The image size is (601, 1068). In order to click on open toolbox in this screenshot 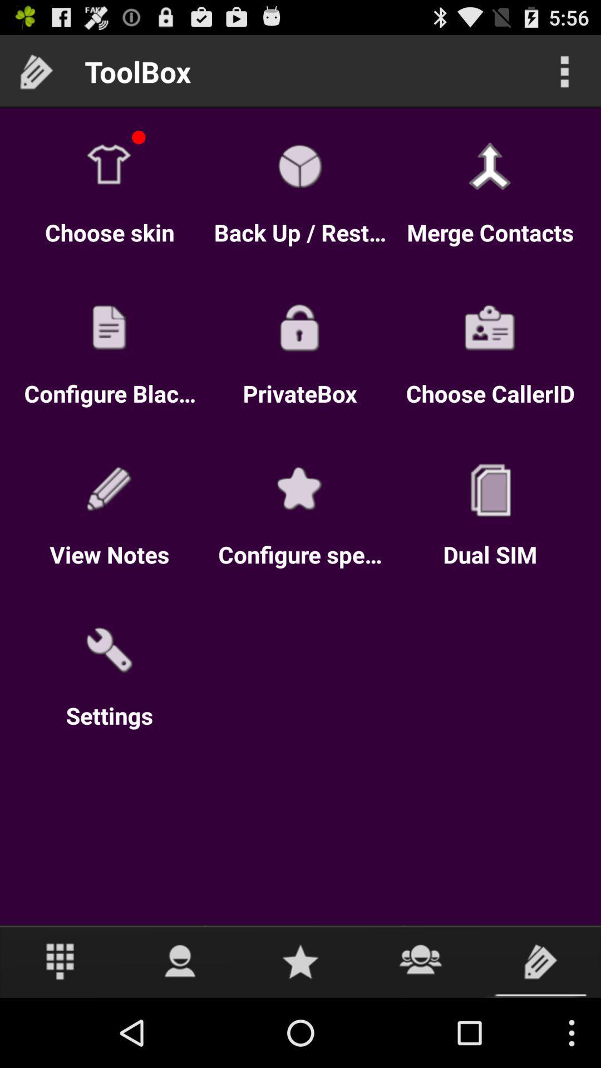, I will do `click(540, 961)`.